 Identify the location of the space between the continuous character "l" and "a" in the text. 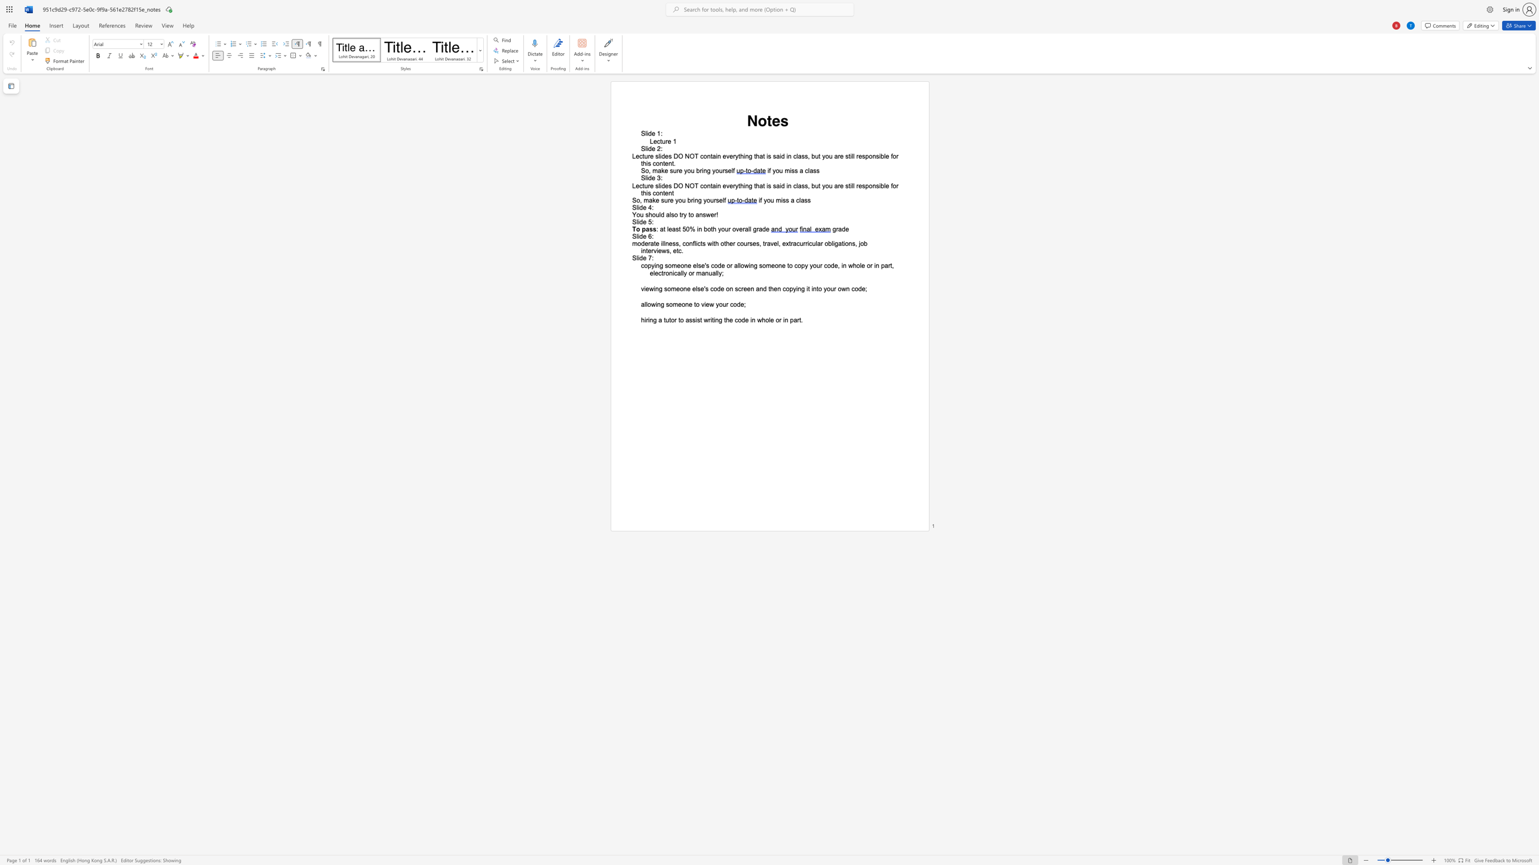
(801, 200).